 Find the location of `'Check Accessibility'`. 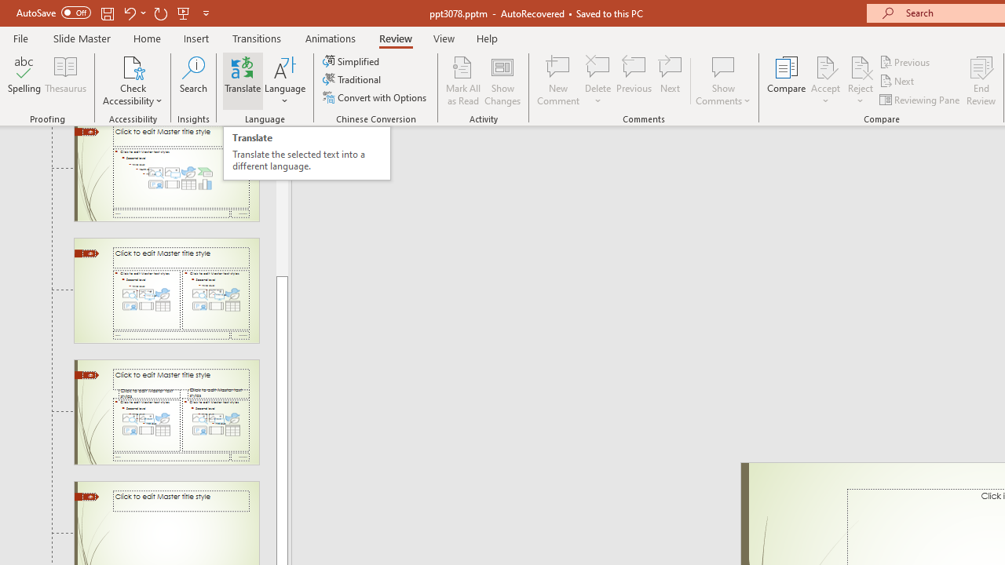

'Check Accessibility' is located at coordinates (133, 66).